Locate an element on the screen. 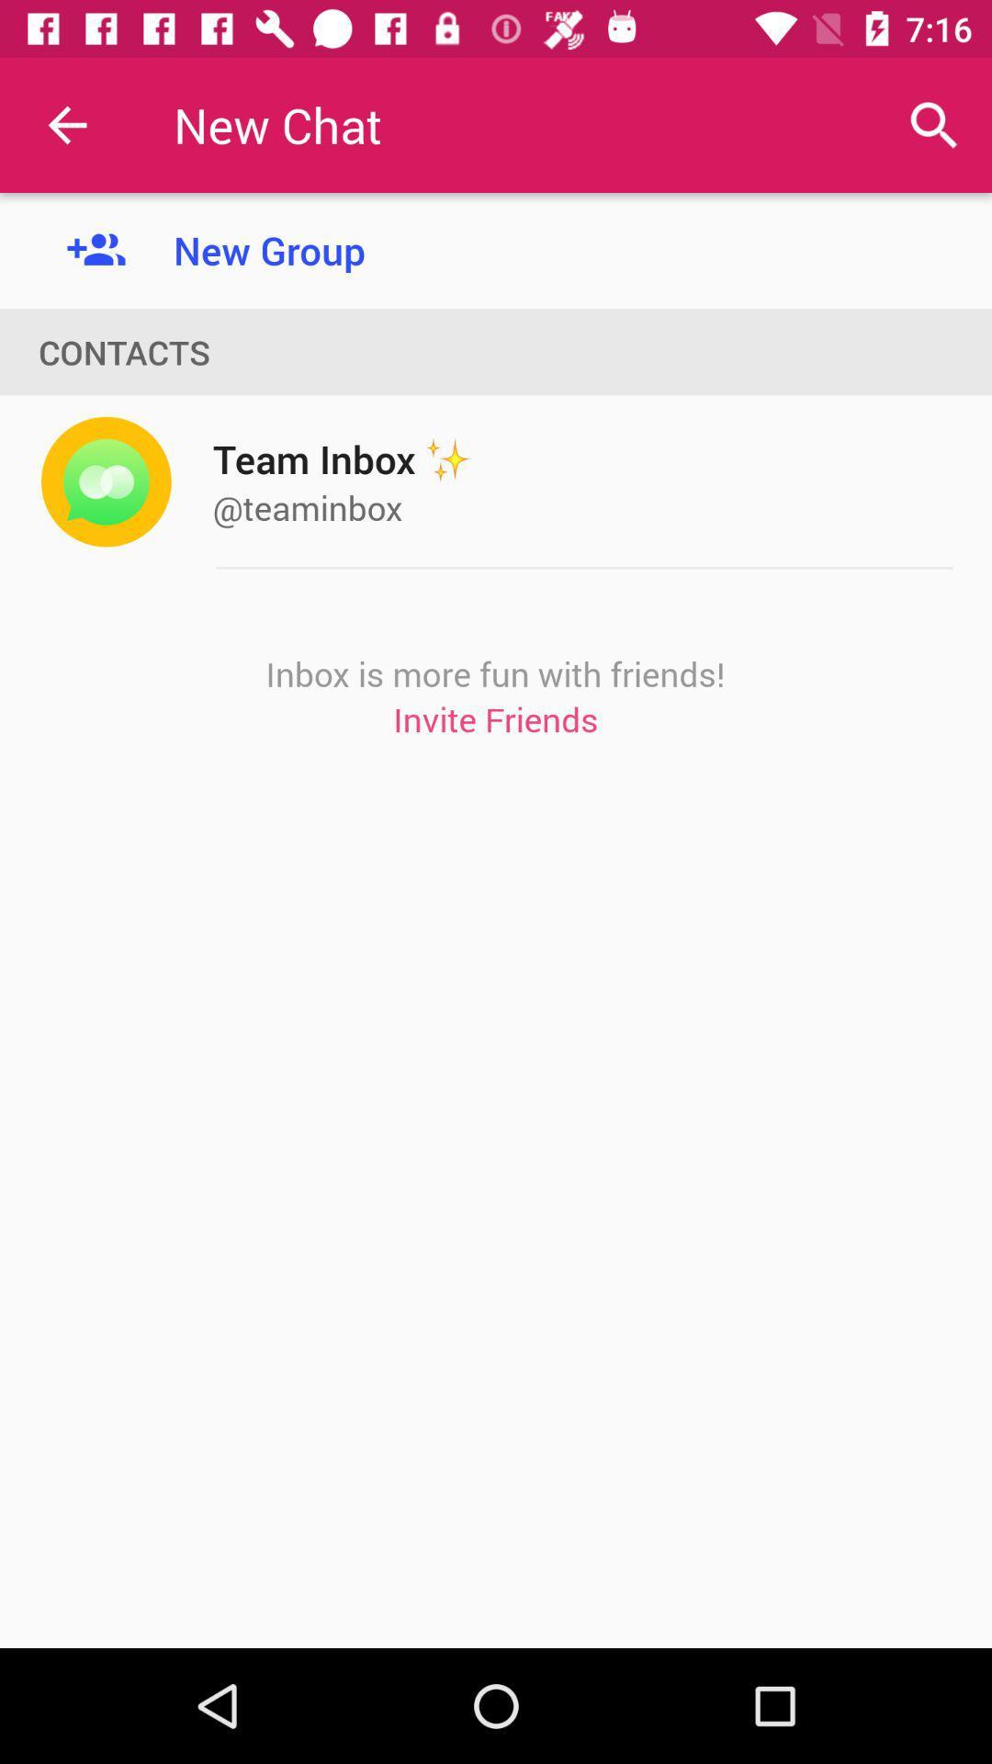 Image resolution: width=992 pixels, height=1764 pixels. the item to the left of the new group is located at coordinates (66, 124).